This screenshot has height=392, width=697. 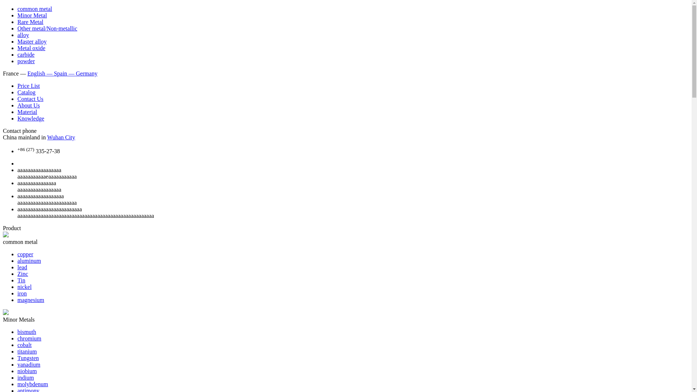 What do you see at coordinates (27, 112) in the screenshot?
I see `'Material'` at bounding box center [27, 112].